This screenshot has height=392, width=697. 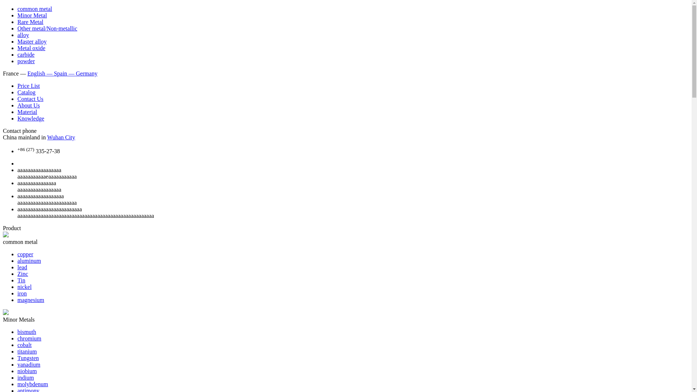 What do you see at coordinates (27, 112) in the screenshot?
I see `'Material'` at bounding box center [27, 112].